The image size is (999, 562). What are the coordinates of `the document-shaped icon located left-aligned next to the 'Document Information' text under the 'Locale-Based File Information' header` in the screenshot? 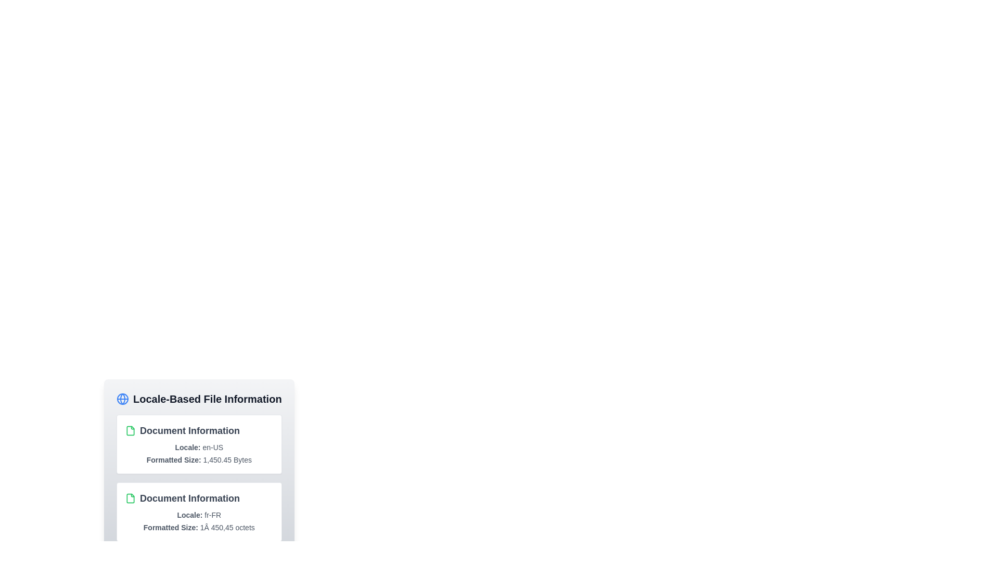 It's located at (130, 431).